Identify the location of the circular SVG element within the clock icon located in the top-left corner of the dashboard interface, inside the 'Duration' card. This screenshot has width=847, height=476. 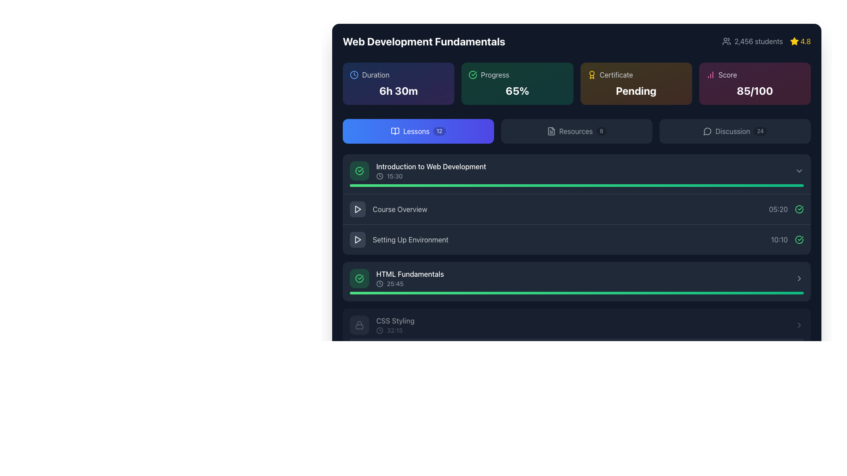
(354, 74).